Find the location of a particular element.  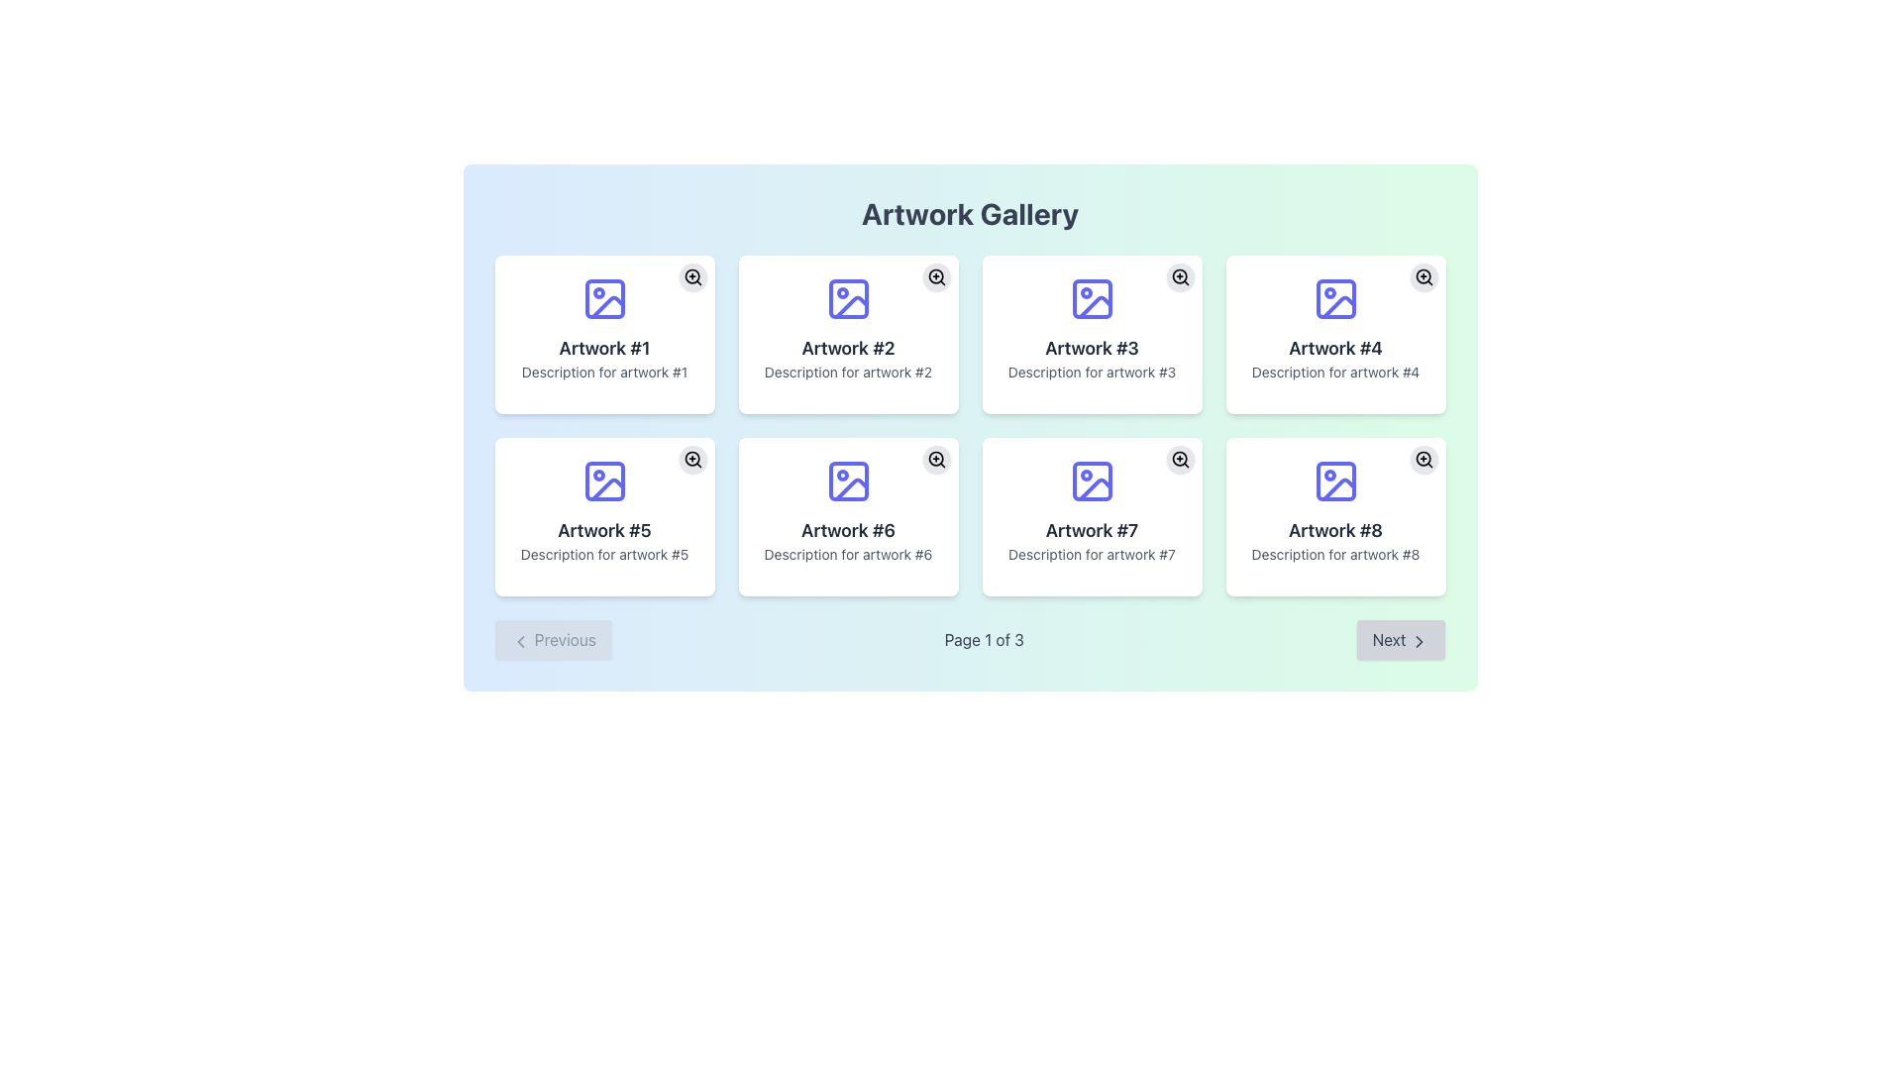

the SVG Circle located at the top-right corner of the 'Artwork #6' card, which may represent an auxiliary feature such as zoom-in or details is located at coordinates (934, 459).